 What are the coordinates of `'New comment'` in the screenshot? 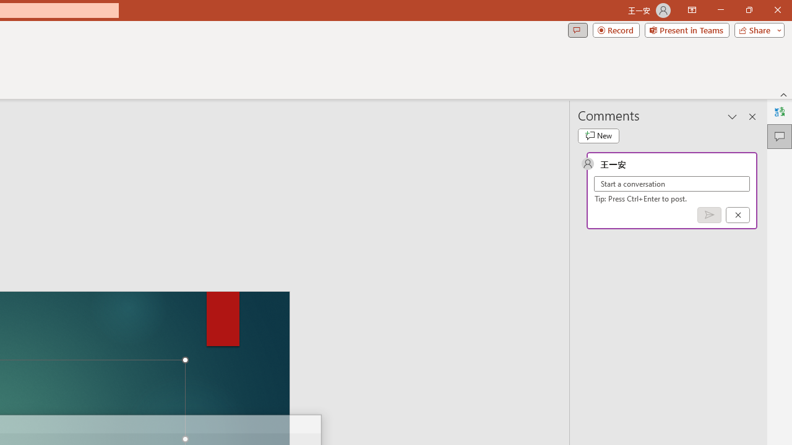 It's located at (598, 135).